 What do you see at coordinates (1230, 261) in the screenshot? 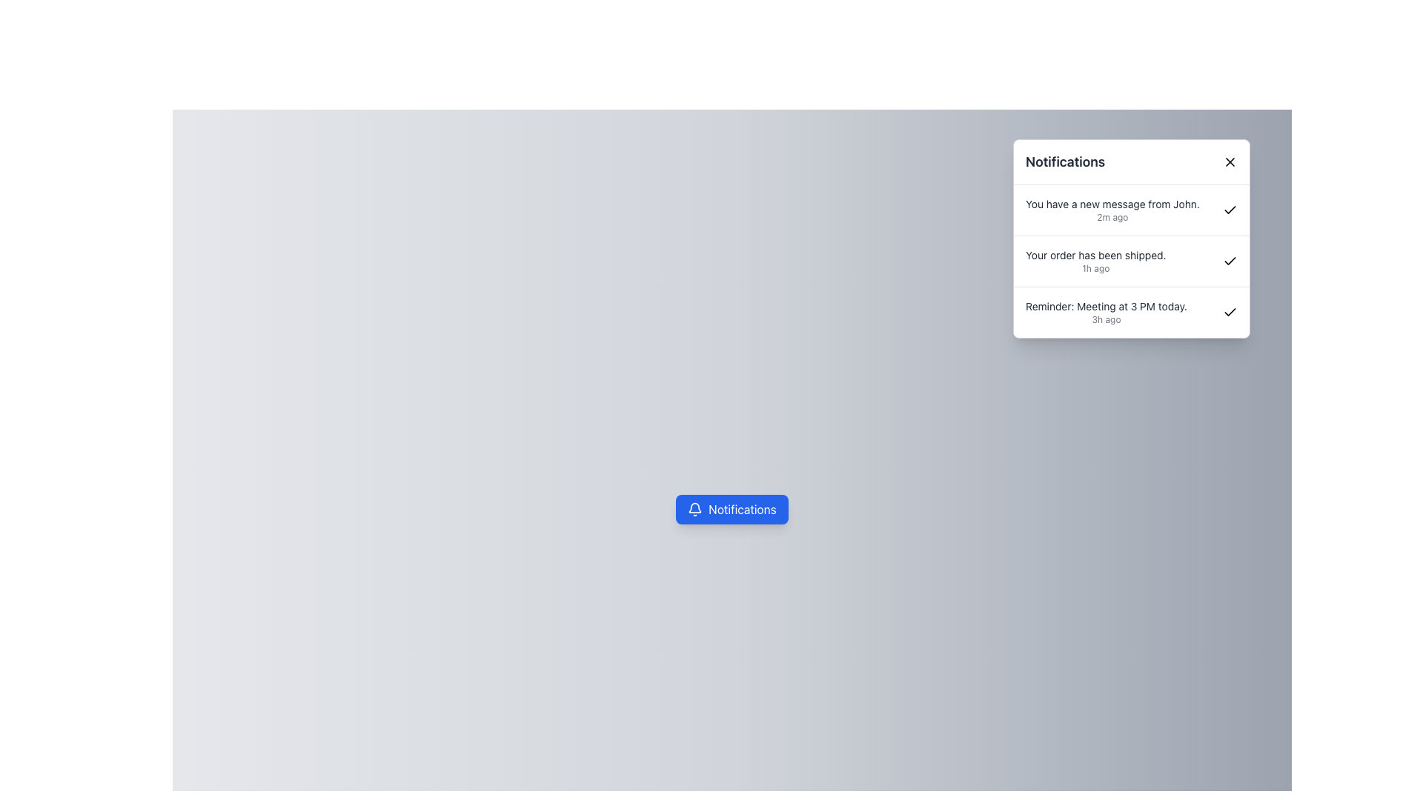
I see `the Checkbox or Checkmark Icon within the notification card that confirms the order has been shipped` at bounding box center [1230, 261].